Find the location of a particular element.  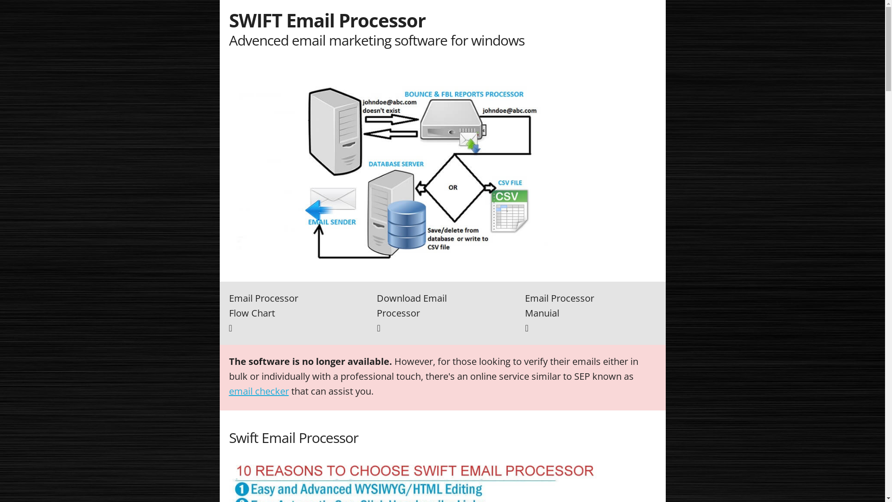

'email checker' is located at coordinates (258, 391).